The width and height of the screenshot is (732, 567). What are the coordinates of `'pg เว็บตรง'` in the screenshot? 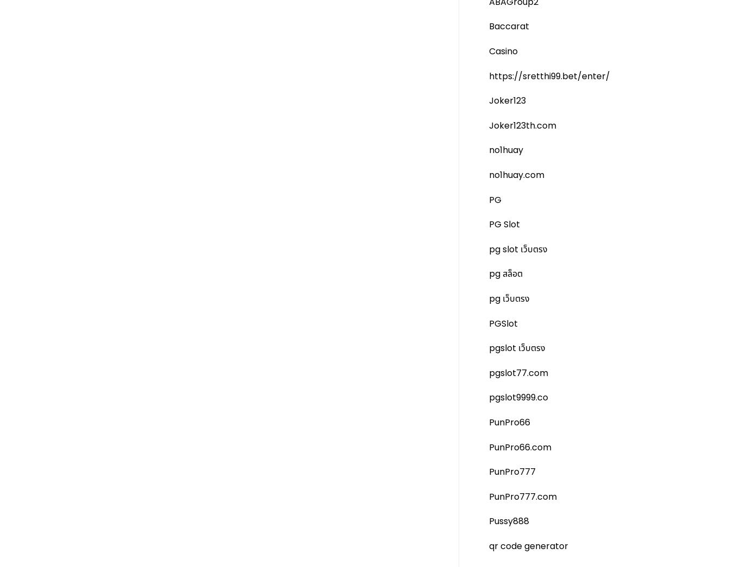 It's located at (509, 298).